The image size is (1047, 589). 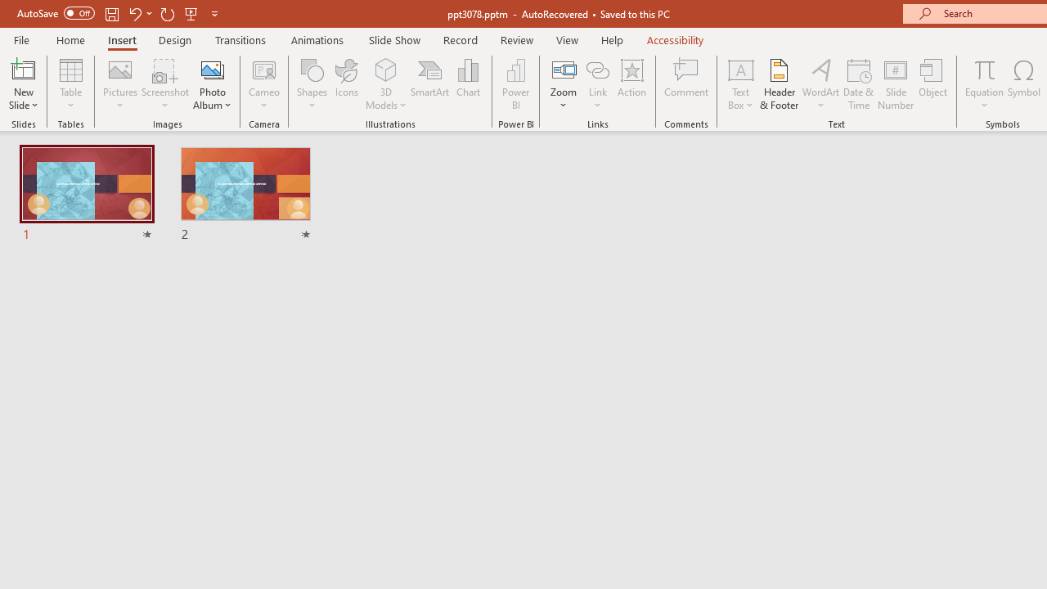 I want to click on 'New Photo Album...', so click(x=211, y=69).